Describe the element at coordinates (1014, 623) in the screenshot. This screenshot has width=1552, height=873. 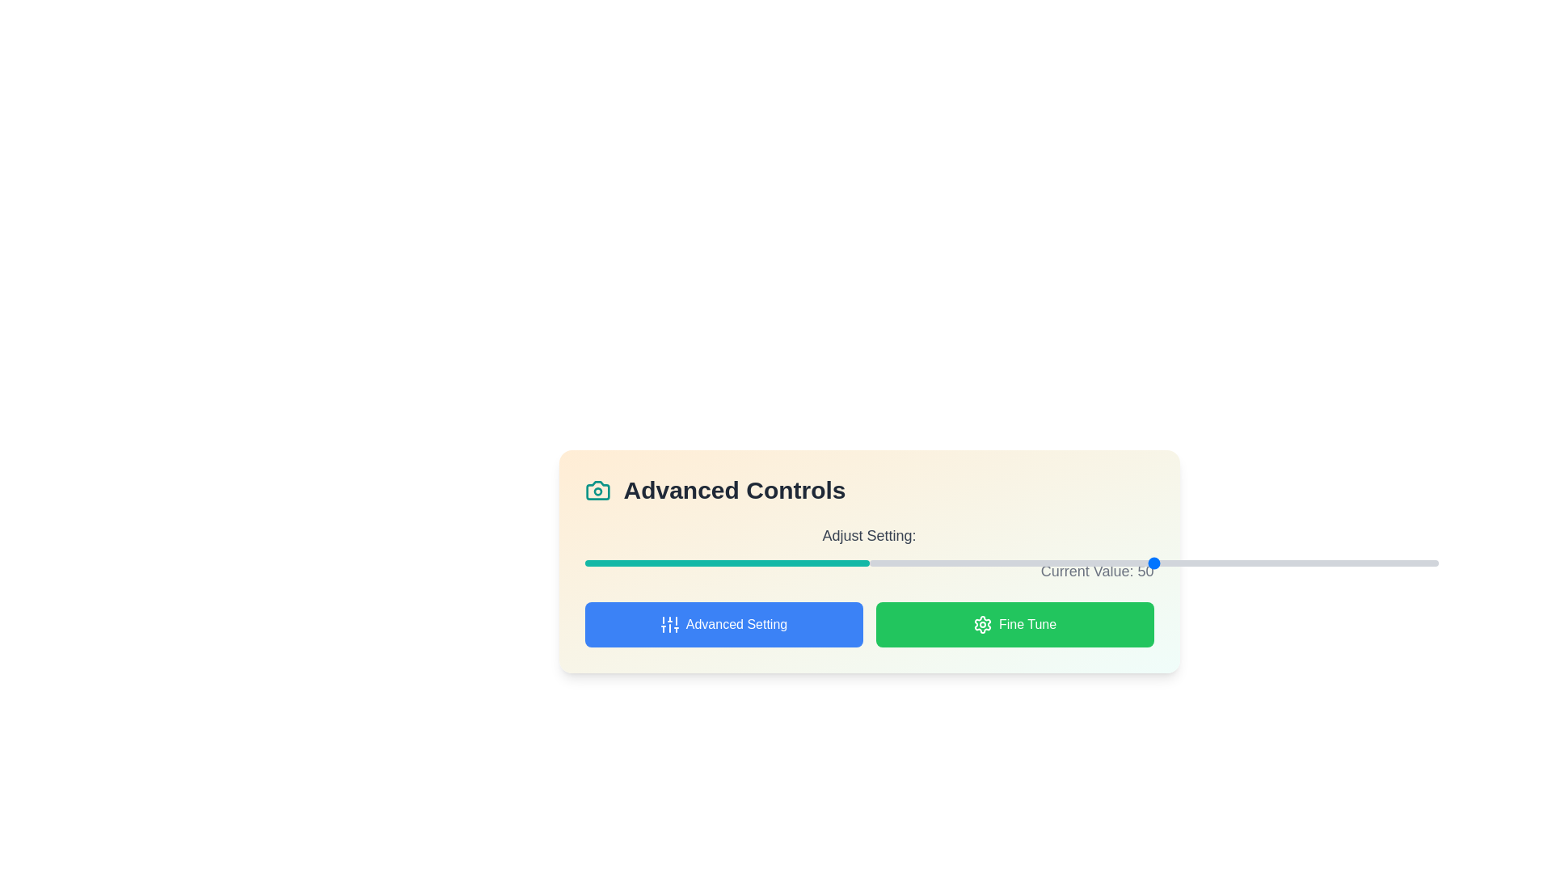
I see `the 'Fine Tune' button with the settings icon in the 'Advanced Controls' section` at that location.